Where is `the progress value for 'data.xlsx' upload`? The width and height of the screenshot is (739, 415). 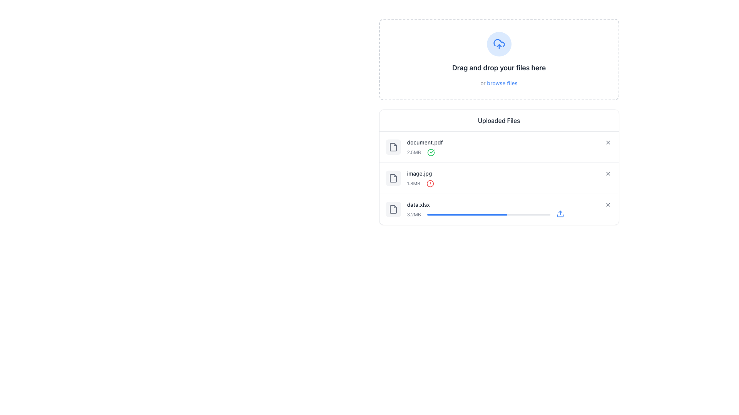
the progress value for 'data.xlsx' upload is located at coordinates (493, 215).